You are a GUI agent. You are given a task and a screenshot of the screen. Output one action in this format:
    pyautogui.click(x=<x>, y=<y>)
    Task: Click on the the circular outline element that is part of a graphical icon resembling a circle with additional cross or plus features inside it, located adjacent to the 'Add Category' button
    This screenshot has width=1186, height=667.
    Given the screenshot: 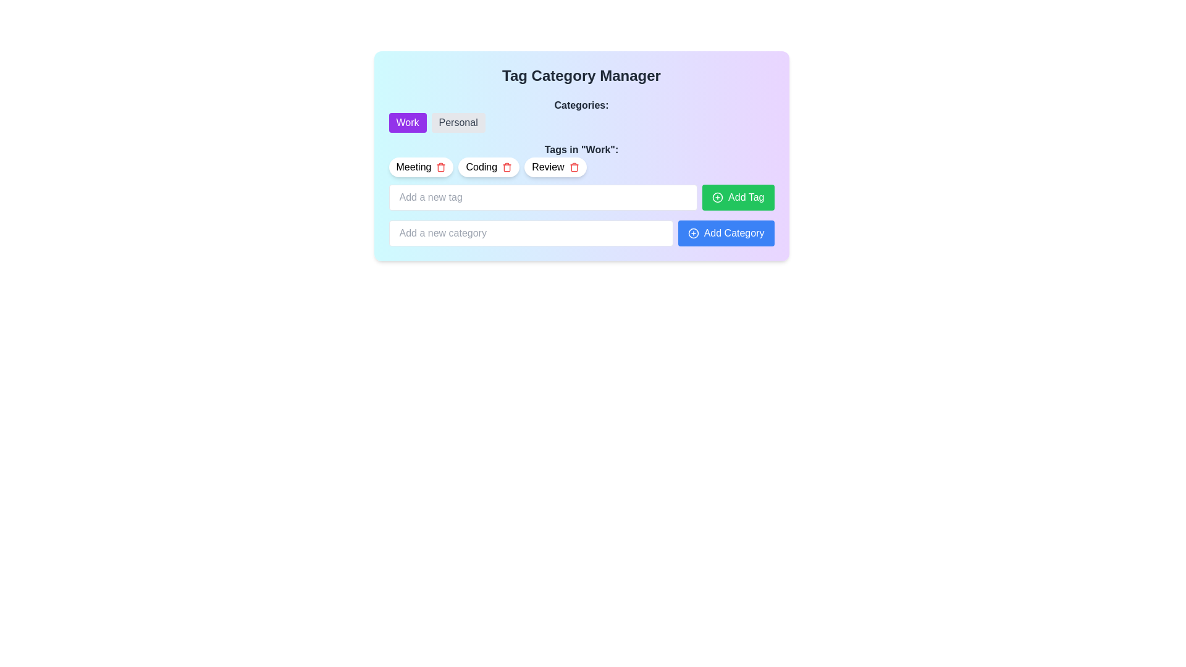 What is the action you would take?
    pyautogui.click(x=693, y=233)
    